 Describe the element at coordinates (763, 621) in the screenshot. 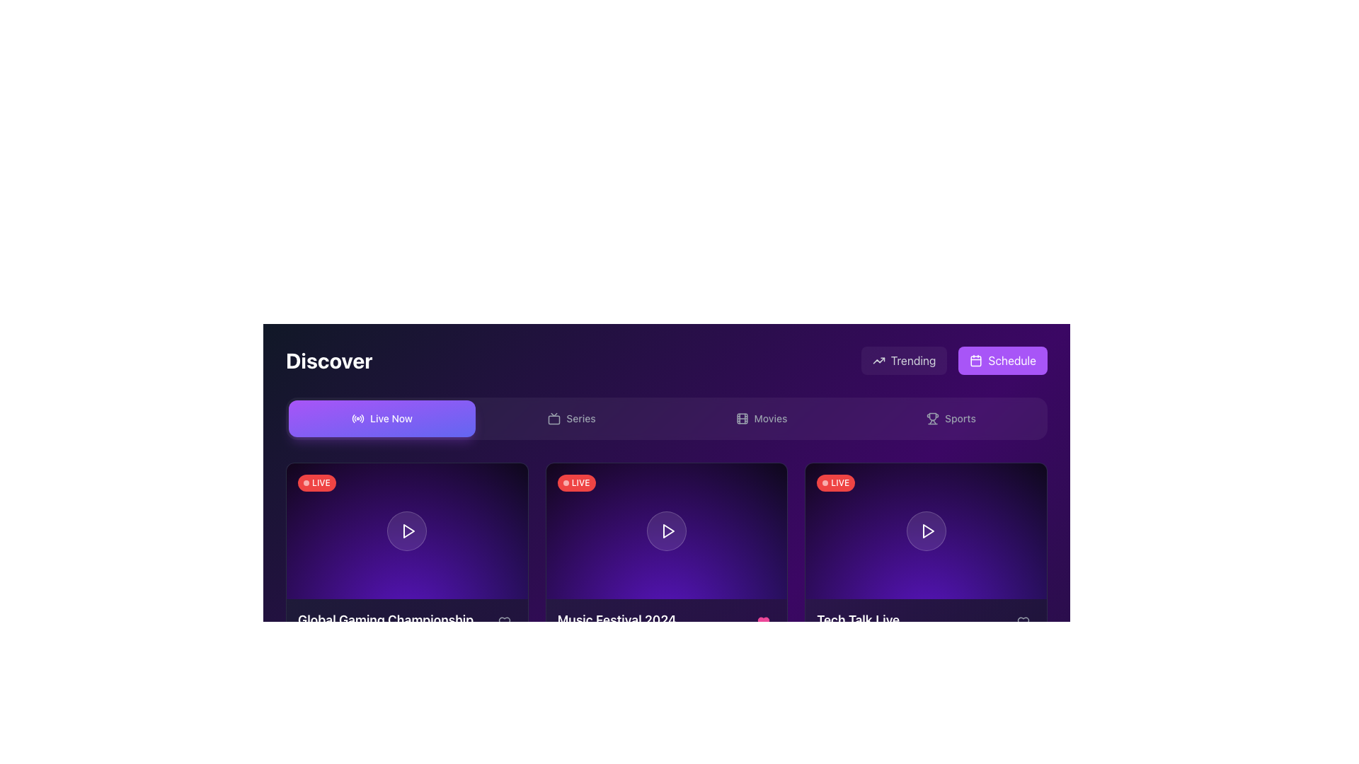

I see `the favorite button with a heart-shaped icon located under the 'Music Festival 2024' title` at that location.